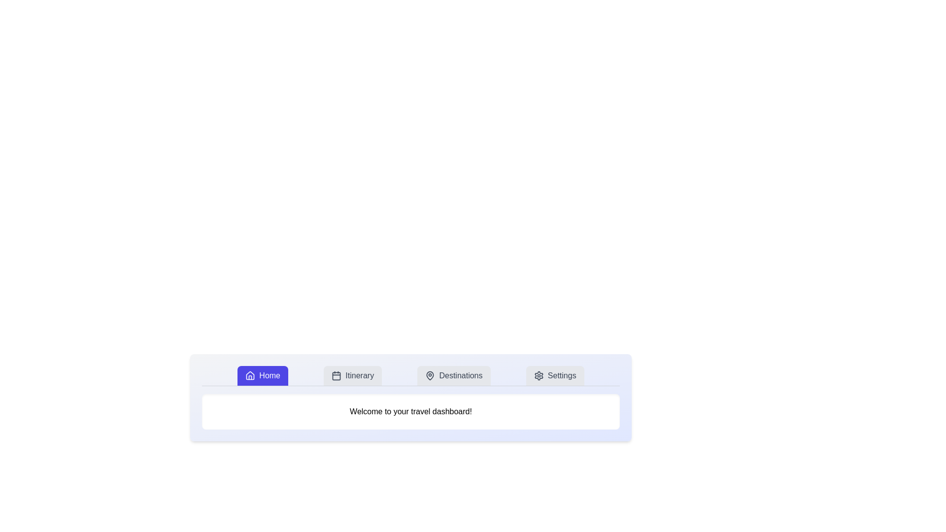 This screenshot has width=946, height=532. I want to click on the 'Home' tab icon located in the top navigation bar, which is part of the SVG representation of the house icon, so click(250, 375).